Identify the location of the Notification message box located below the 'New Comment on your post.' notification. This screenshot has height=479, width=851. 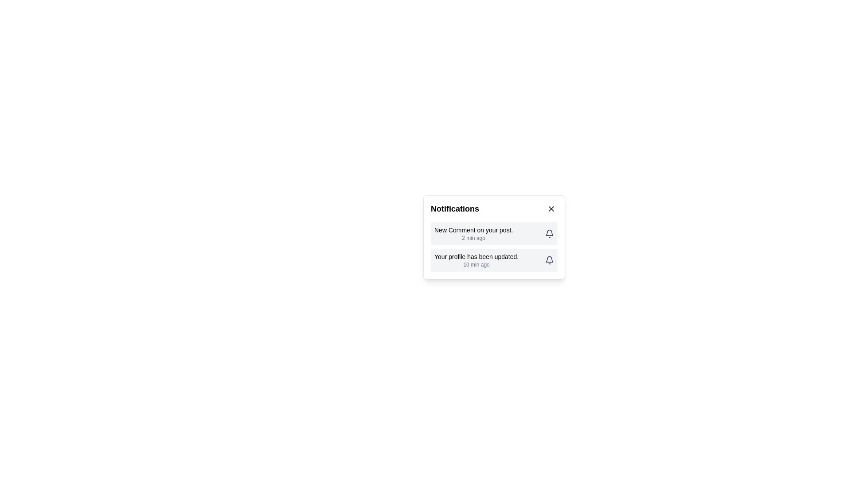
(493, 259).